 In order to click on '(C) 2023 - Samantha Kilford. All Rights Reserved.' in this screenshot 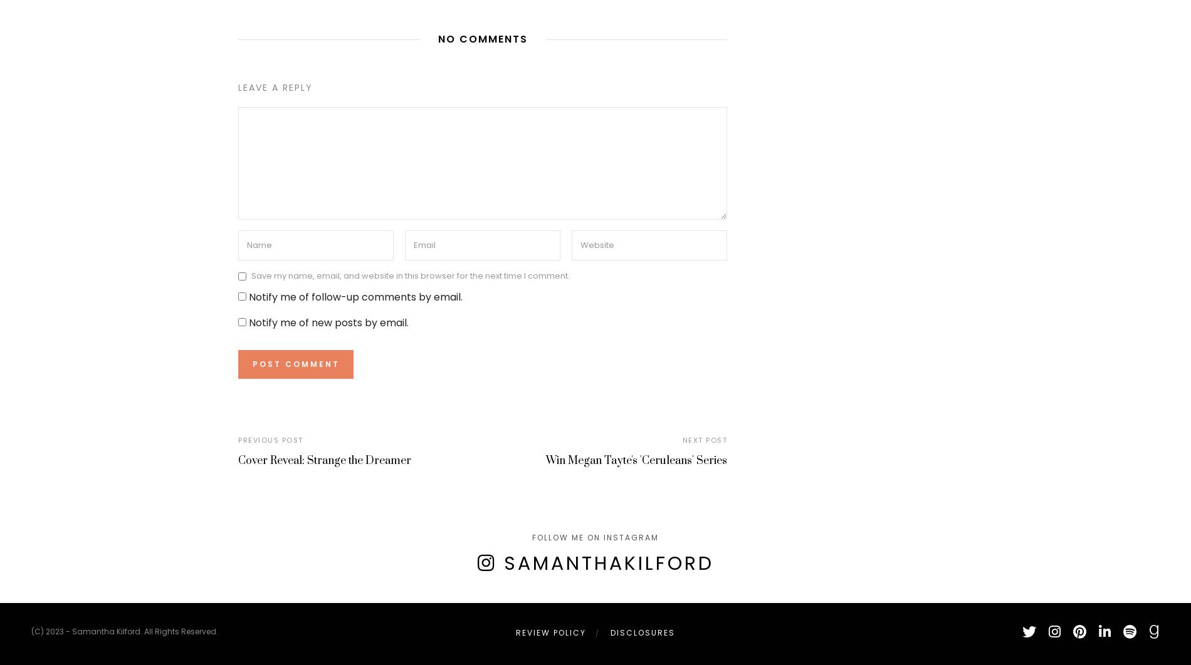, I will do `click(124, 631)`.